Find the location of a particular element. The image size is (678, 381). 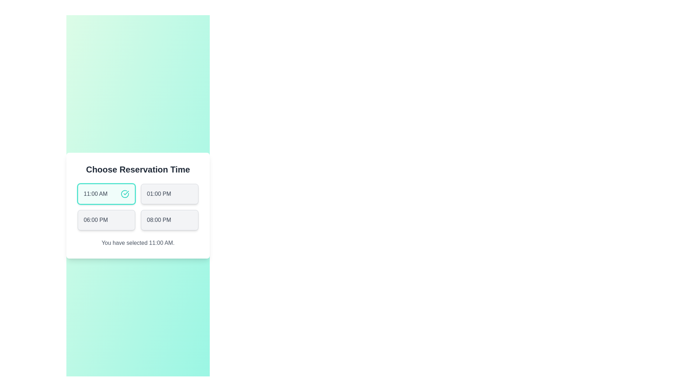

the teal button displaying '11:00 AM' with a checkmark icon is located at coordinates (106, 194).